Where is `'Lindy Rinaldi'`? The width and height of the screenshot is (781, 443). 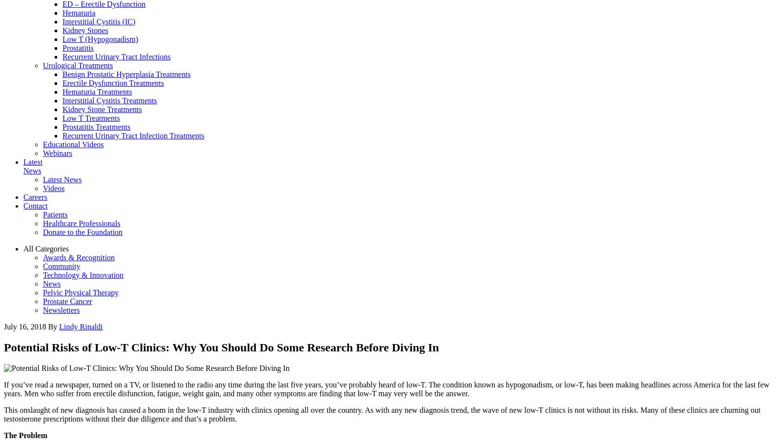 'Lindy Rinaldi' is located at coordinates (58, 327).